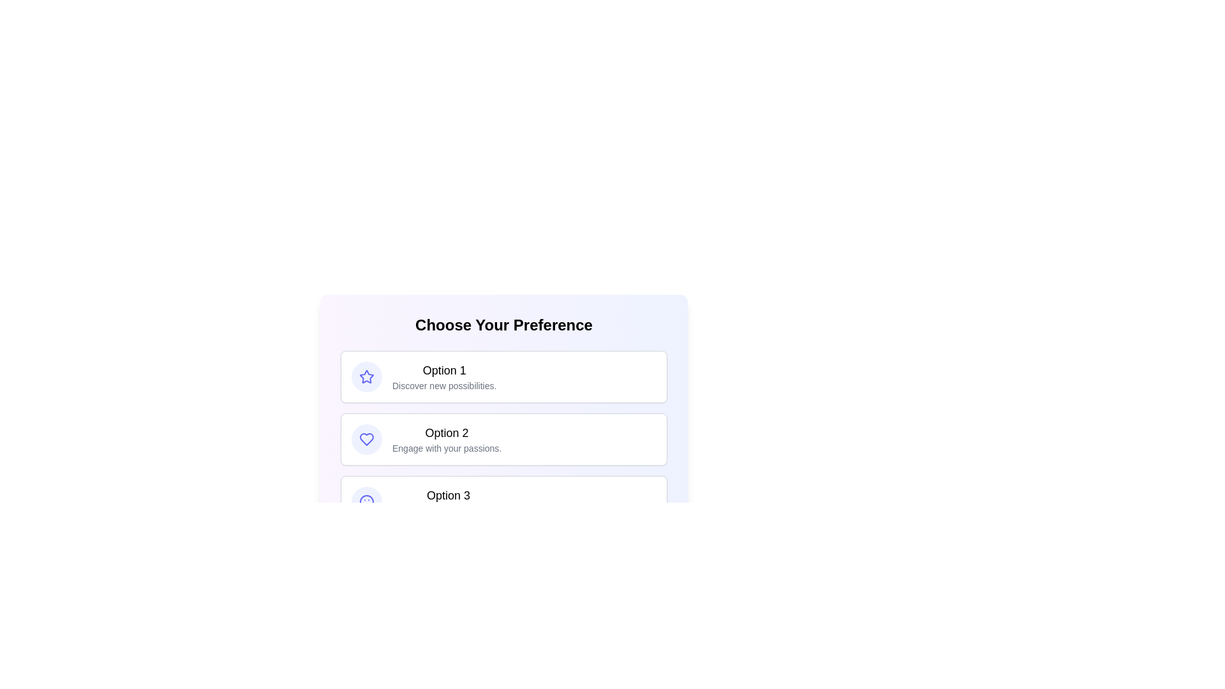  I want to click on the selectable option labeled with a title and subtitle, which is the third item in a vertical list of options, so click(503, 501).